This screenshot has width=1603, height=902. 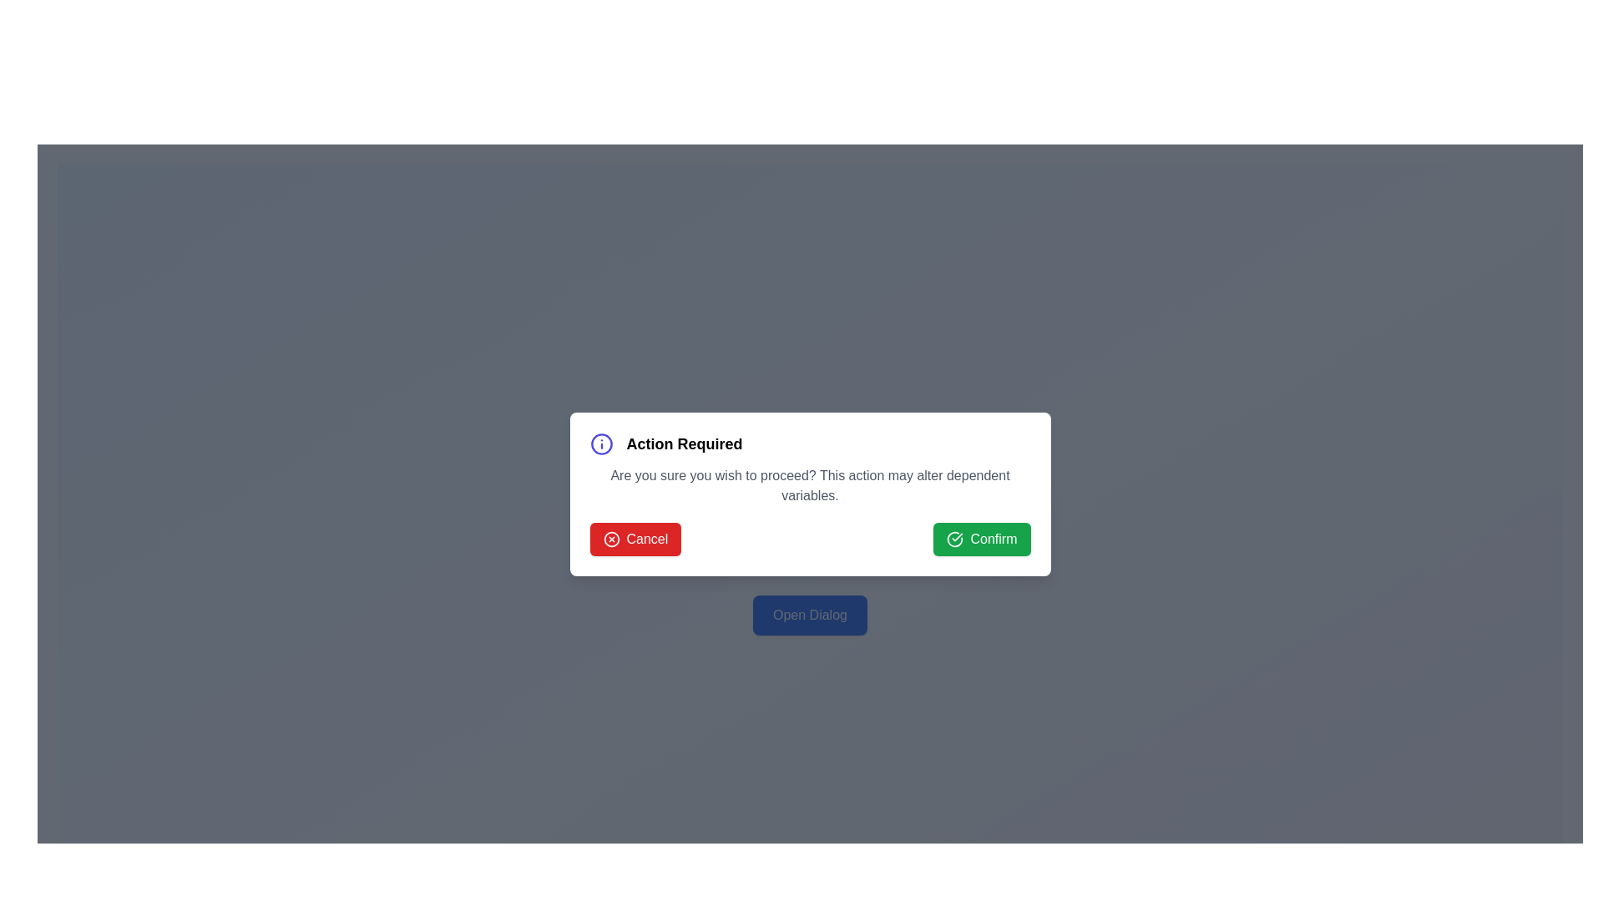 I want to click on the red rectangular 'Cancel' button with white text and an 'X' icon for keyboard interaction, so click(x=635, y=539).